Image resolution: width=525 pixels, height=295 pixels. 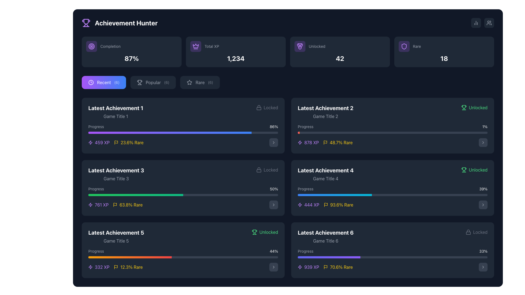 What do you see at coordinates (115, 205) in the screenshot?
I see `the informational text element displaying '761 XP' and '63.8% Rare' with associated icons, located in the third achievement information box below the progress bar for 'Latest Achievement 3'` at bounding box center [115, 205].